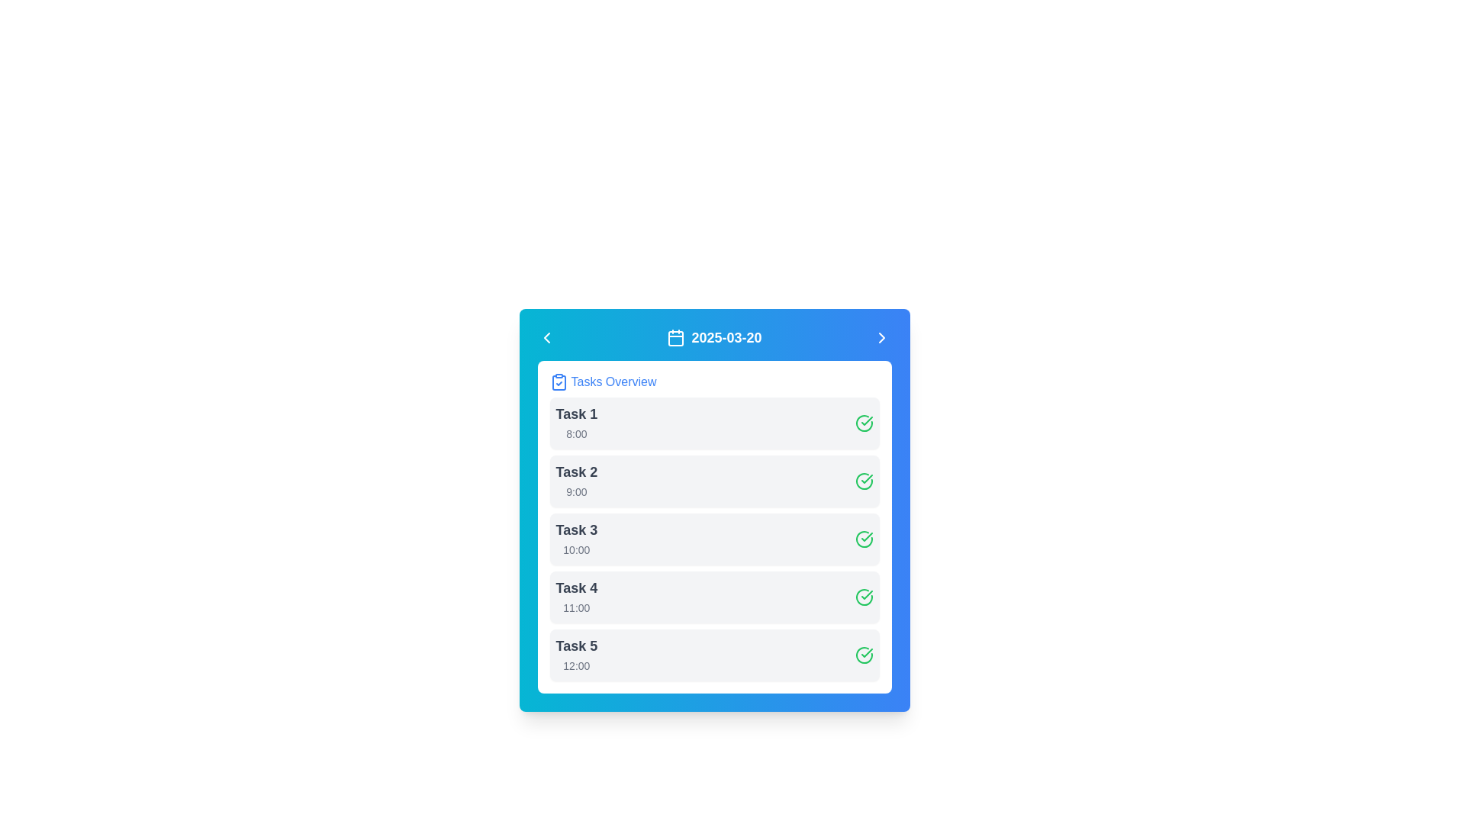 The width and height of the screenshot is (1465, 824). I want to click on the checkmark icon located on the right side of the list item labeled 'Task 4', so click(867, 652).